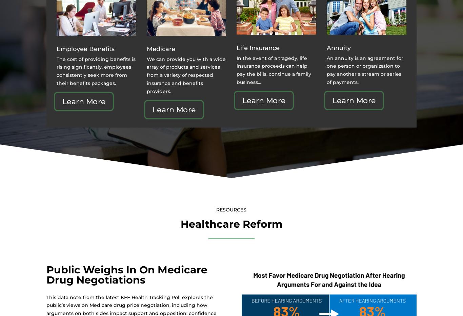  Describe the element at coordinates (126, 274) in the screenshot. I see `'Public Weighs In On Medicare Drug Negotiations'` at that location.